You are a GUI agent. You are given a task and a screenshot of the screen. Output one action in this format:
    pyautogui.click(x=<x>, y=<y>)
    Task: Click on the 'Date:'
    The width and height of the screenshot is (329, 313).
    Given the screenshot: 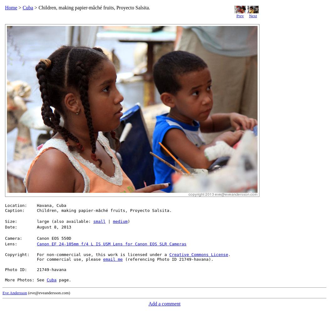 What is the action you would take?
    pyautogui.click(x=11, y=227)
    